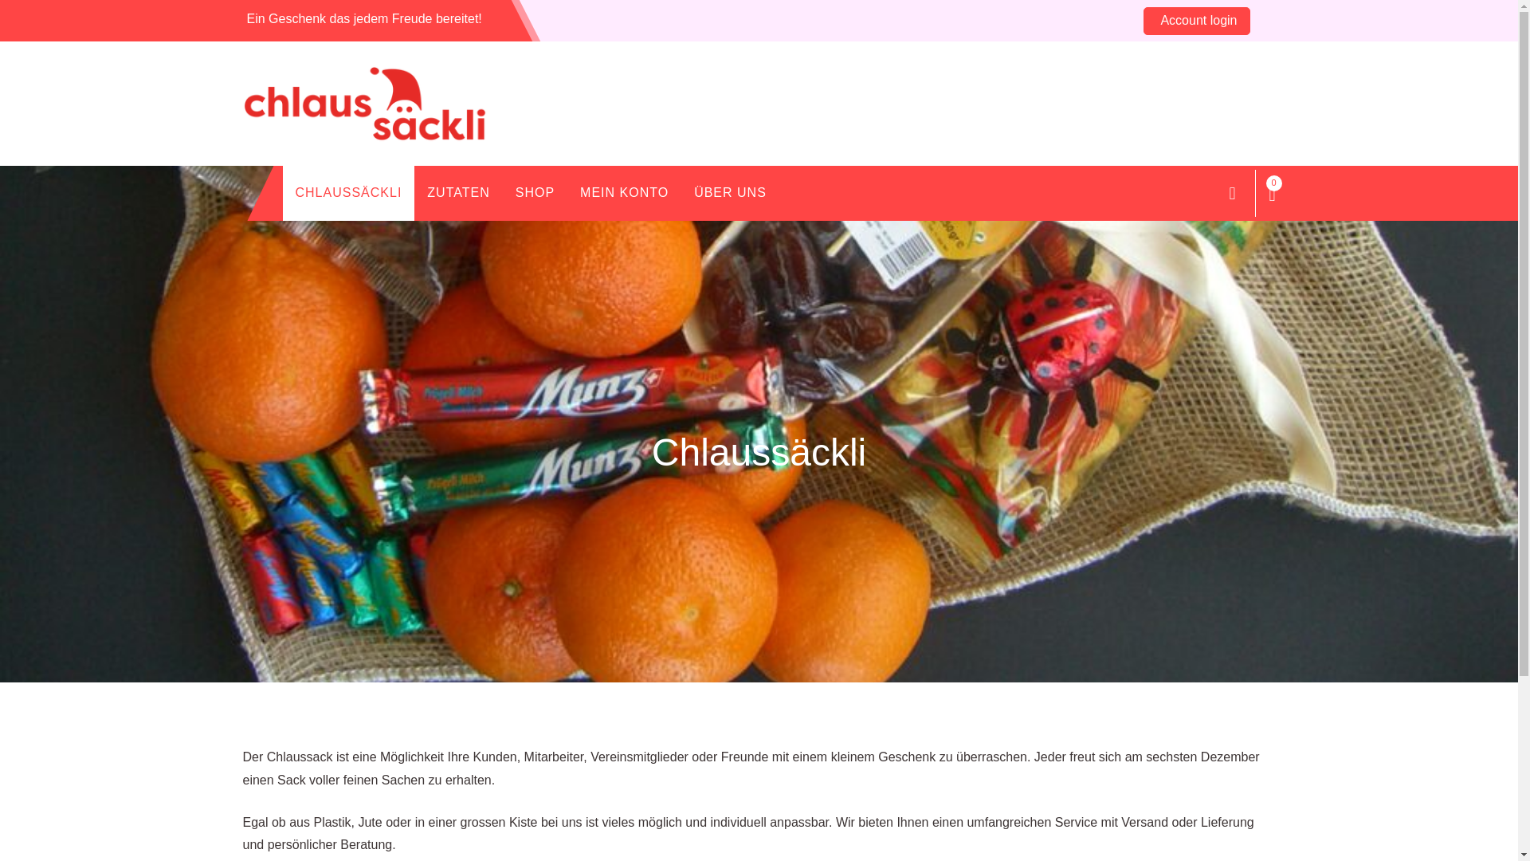 The height and width of the screenshot is (861, 1530). I want to click on 'SHOP', so click(501, 192).